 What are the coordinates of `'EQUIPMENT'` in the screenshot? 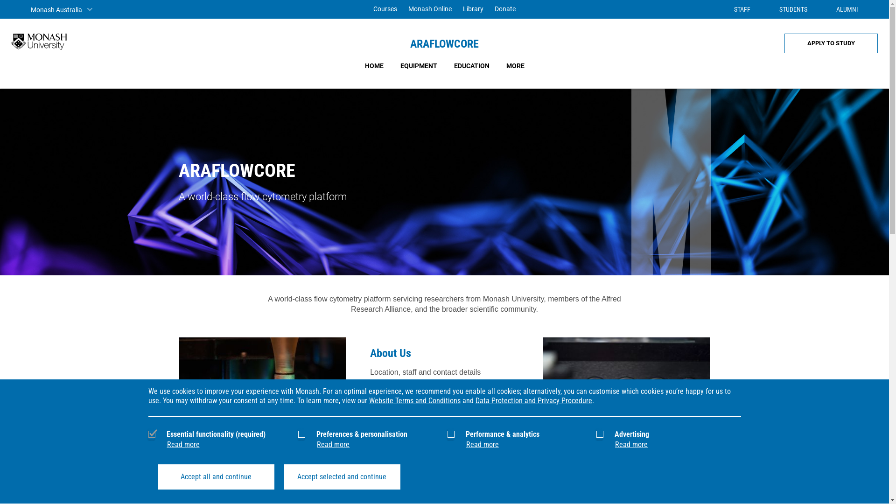 It's located at (418, 65).